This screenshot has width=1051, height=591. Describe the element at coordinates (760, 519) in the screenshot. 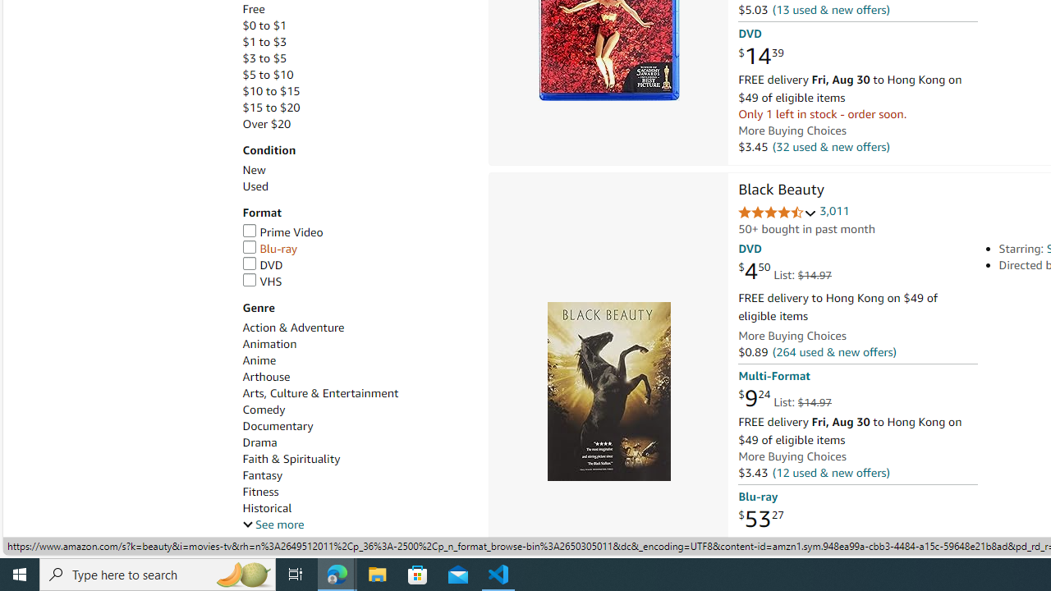

I see `'$53.27'` at that location.